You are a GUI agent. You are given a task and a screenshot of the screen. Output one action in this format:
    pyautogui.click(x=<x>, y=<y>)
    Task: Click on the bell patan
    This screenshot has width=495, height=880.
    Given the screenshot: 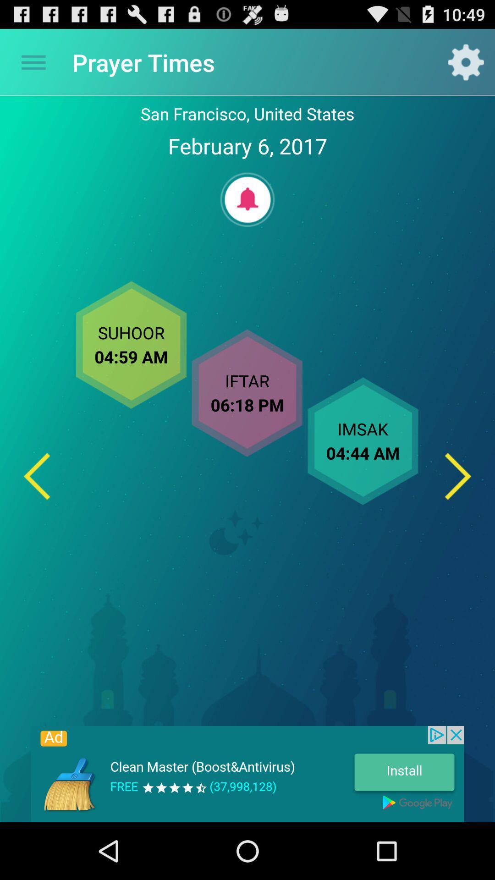 What is the action you would take?
    pyautogui.click(x=247, y=199)
    